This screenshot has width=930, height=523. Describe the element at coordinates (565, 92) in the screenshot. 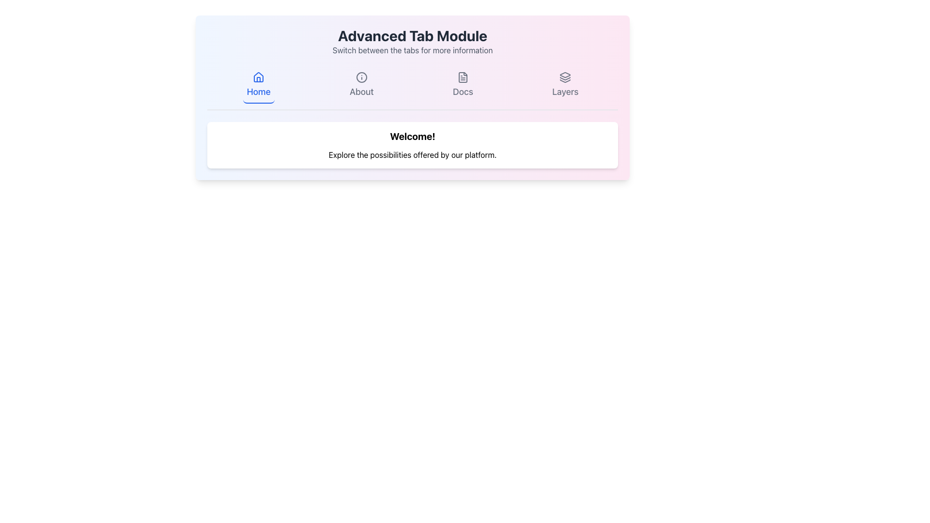

I see `the 'Layers' text label located in the navigation bar, which is the fourth item from the left, under the corresponding stack-like icon` at that location.